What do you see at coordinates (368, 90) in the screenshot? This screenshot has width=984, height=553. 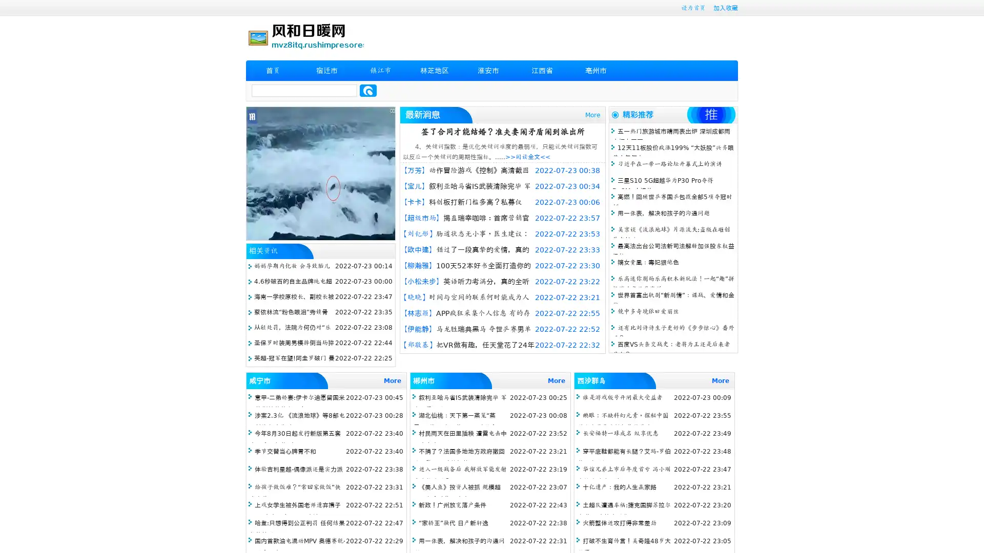 I see `Search` at bounding box center [368, 90].